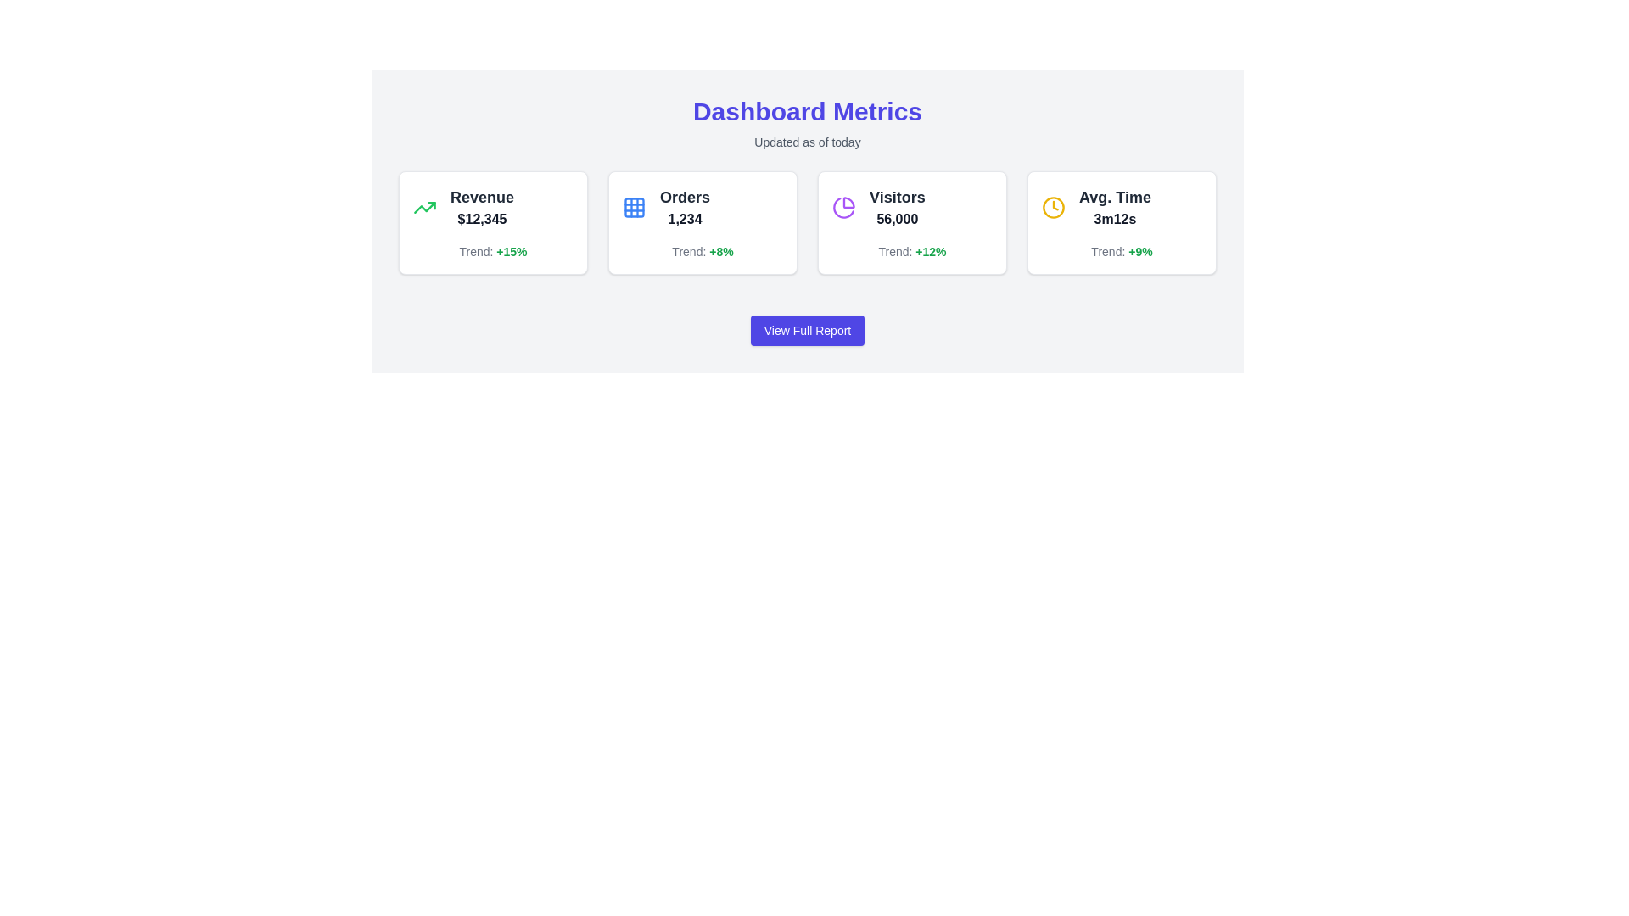 Image resolution: width=1629 pixels, height=916 pixels. What do you see at coordinates (492, 207) in the screenshot?
I see `the Text label displaying revenue data, which is located in the first card of the dashboard grid, prominently positioned at the top row` at bounding box center [492, 207].